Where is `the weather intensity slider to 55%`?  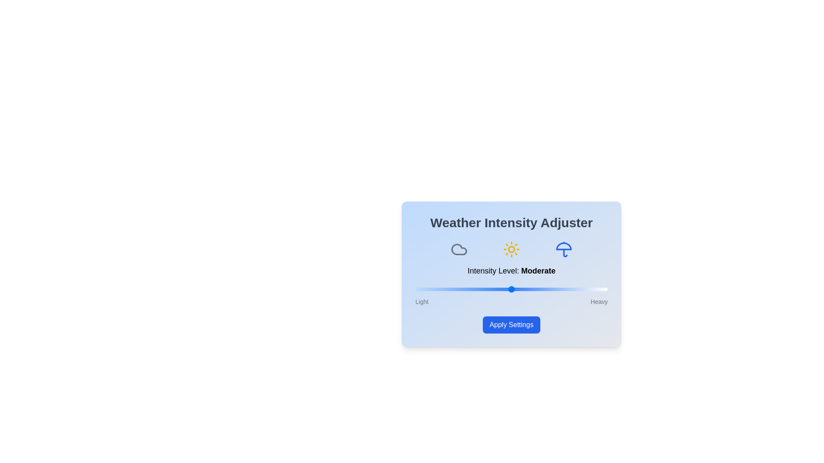
the weather intensity slider to 55% is located at coordinates (521, 289).